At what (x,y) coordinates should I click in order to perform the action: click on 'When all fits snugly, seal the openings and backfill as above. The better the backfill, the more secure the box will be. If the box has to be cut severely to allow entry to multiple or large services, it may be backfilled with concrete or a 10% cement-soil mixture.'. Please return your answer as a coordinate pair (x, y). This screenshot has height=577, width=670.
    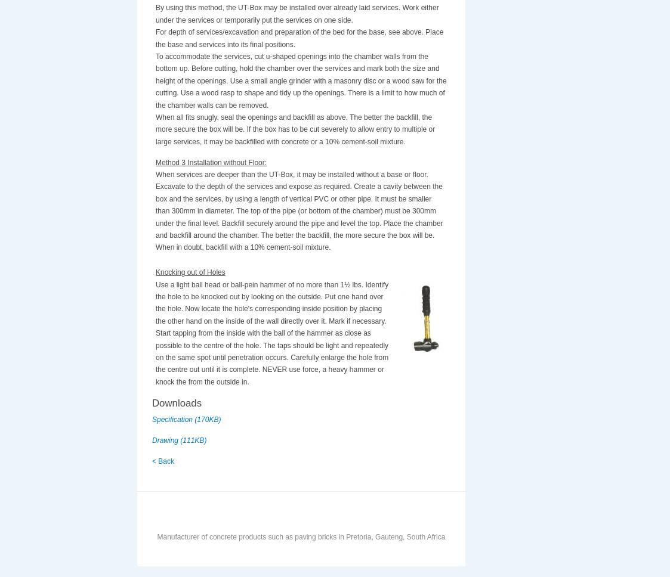
    Looking at the image, I should click on (295, 129).